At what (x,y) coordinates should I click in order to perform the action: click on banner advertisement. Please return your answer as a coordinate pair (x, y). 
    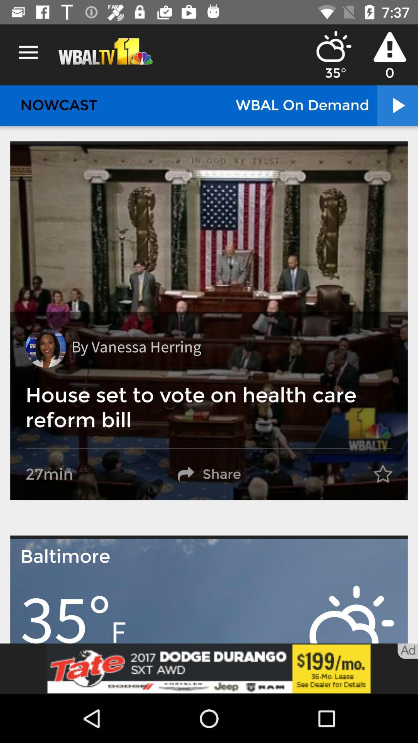
    Looking at the image, I should click on (209, 668).